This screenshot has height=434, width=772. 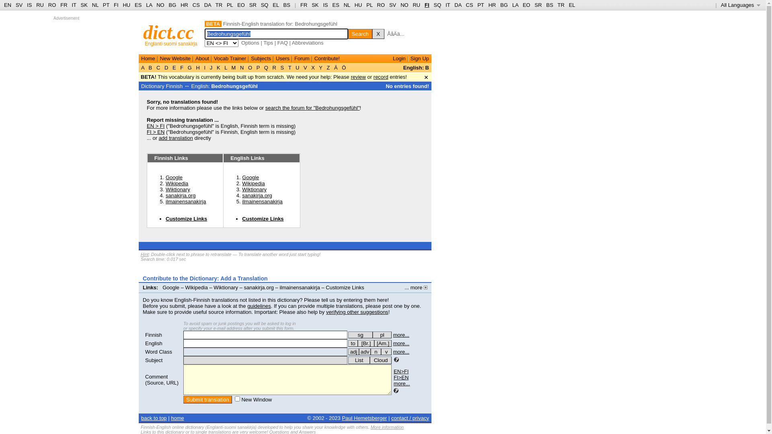 I want to click on 'CS', so click(x=469, y=5).